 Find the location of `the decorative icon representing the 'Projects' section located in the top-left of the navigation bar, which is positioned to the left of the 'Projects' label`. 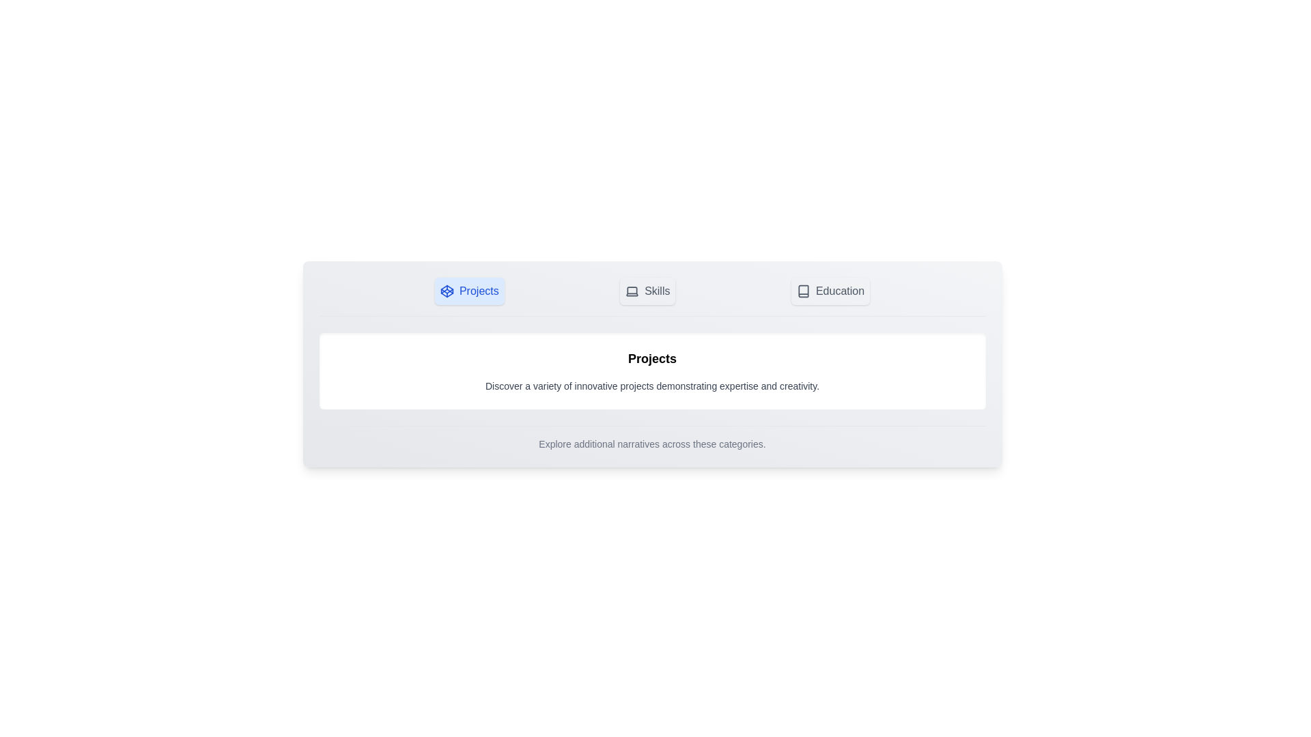

the decorative icon representing the 'Projects' section located in the top-left of the navigation bar, which is positioned to the left of the 'Projects' label is located at coordinates (447, 291).